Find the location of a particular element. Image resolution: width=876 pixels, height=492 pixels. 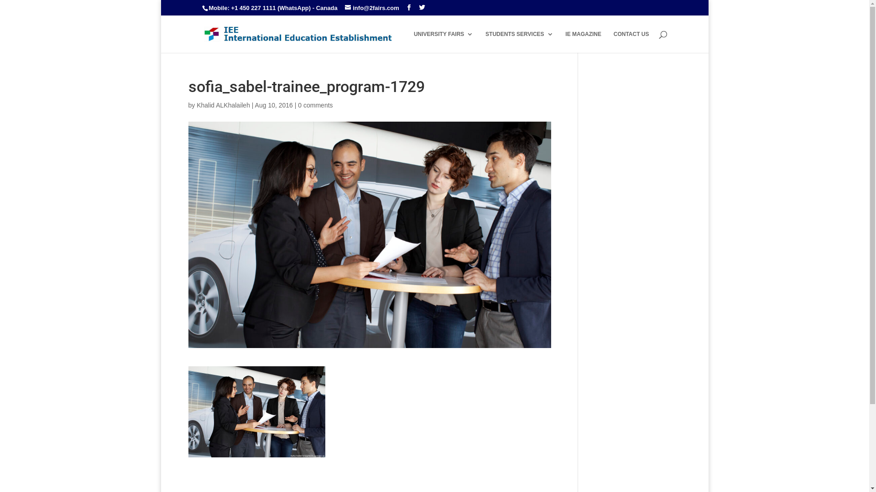

'UNIVERSITY FAIRS' is located at coordinates (443, 42).